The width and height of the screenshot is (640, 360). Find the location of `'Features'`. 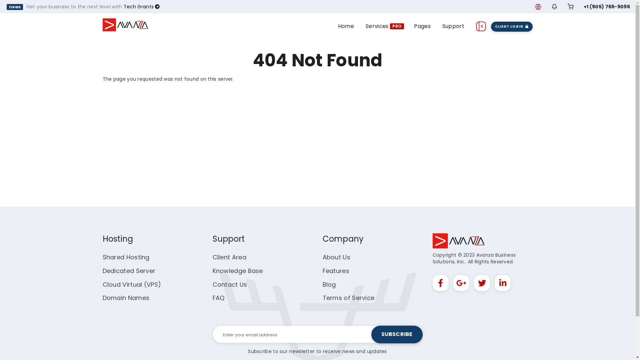

'Features' is located at coordinates (336, 271).